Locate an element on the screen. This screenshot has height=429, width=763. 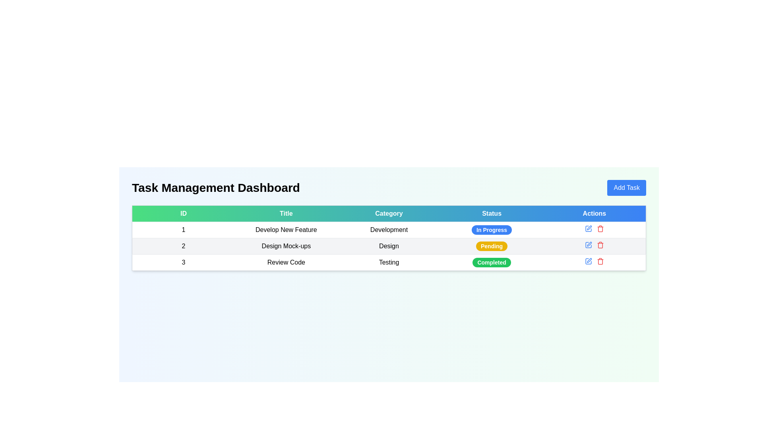
status indicator displaying 'In Progress' for the task 'Develop New Feature' located in the 'Status' column of the first row in the 'Task Management Dashboard' is located at coordinates (491, 230).